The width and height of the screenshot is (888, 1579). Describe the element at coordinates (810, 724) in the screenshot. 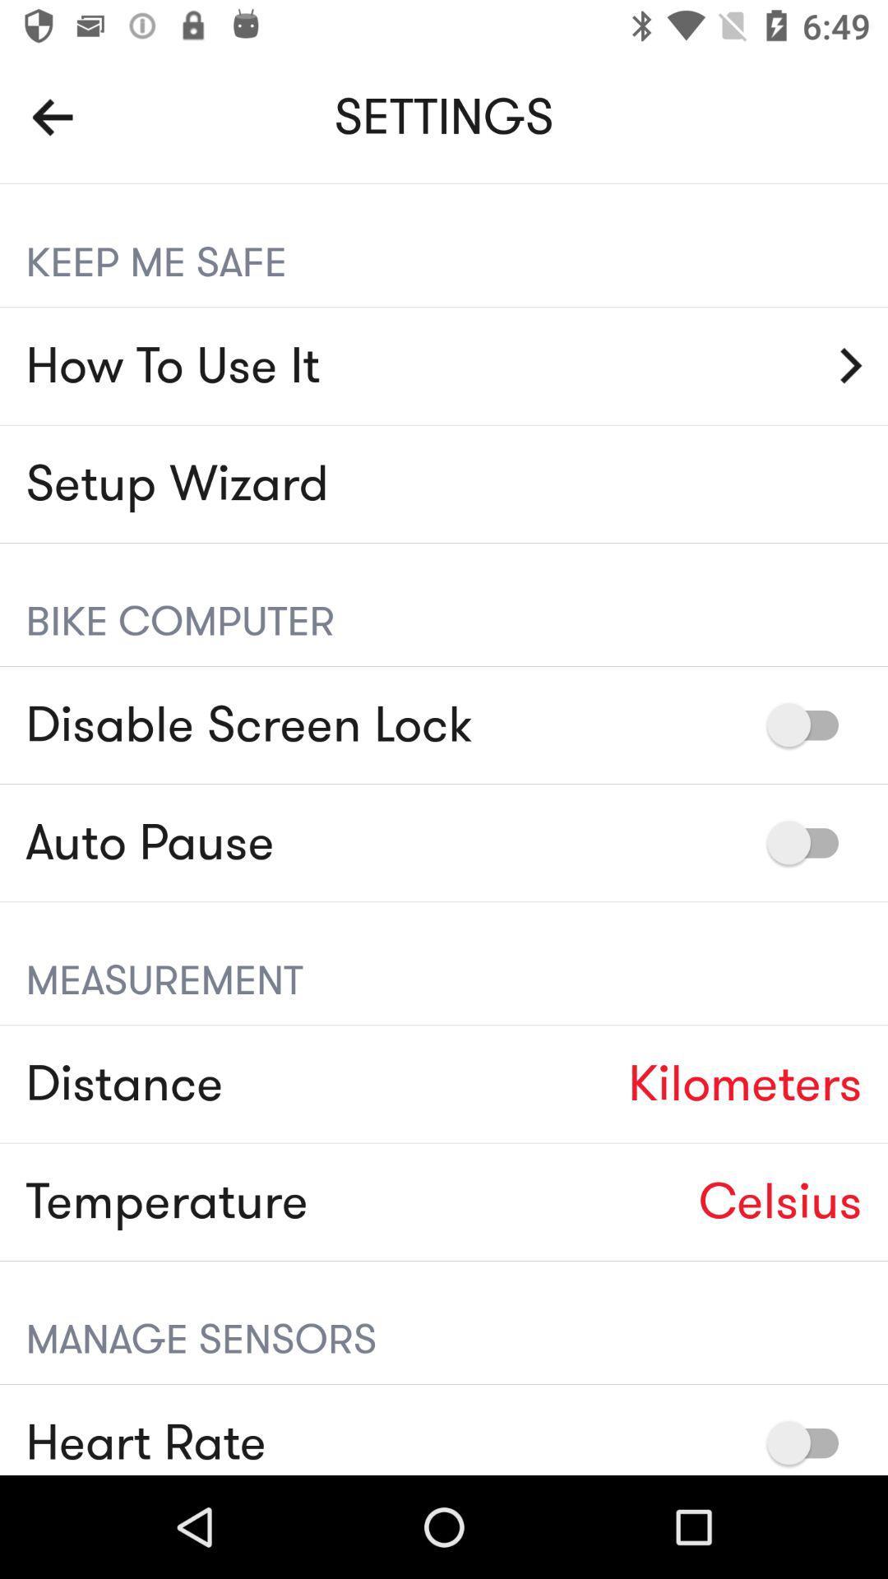

I see `switch screen lock` at that location.